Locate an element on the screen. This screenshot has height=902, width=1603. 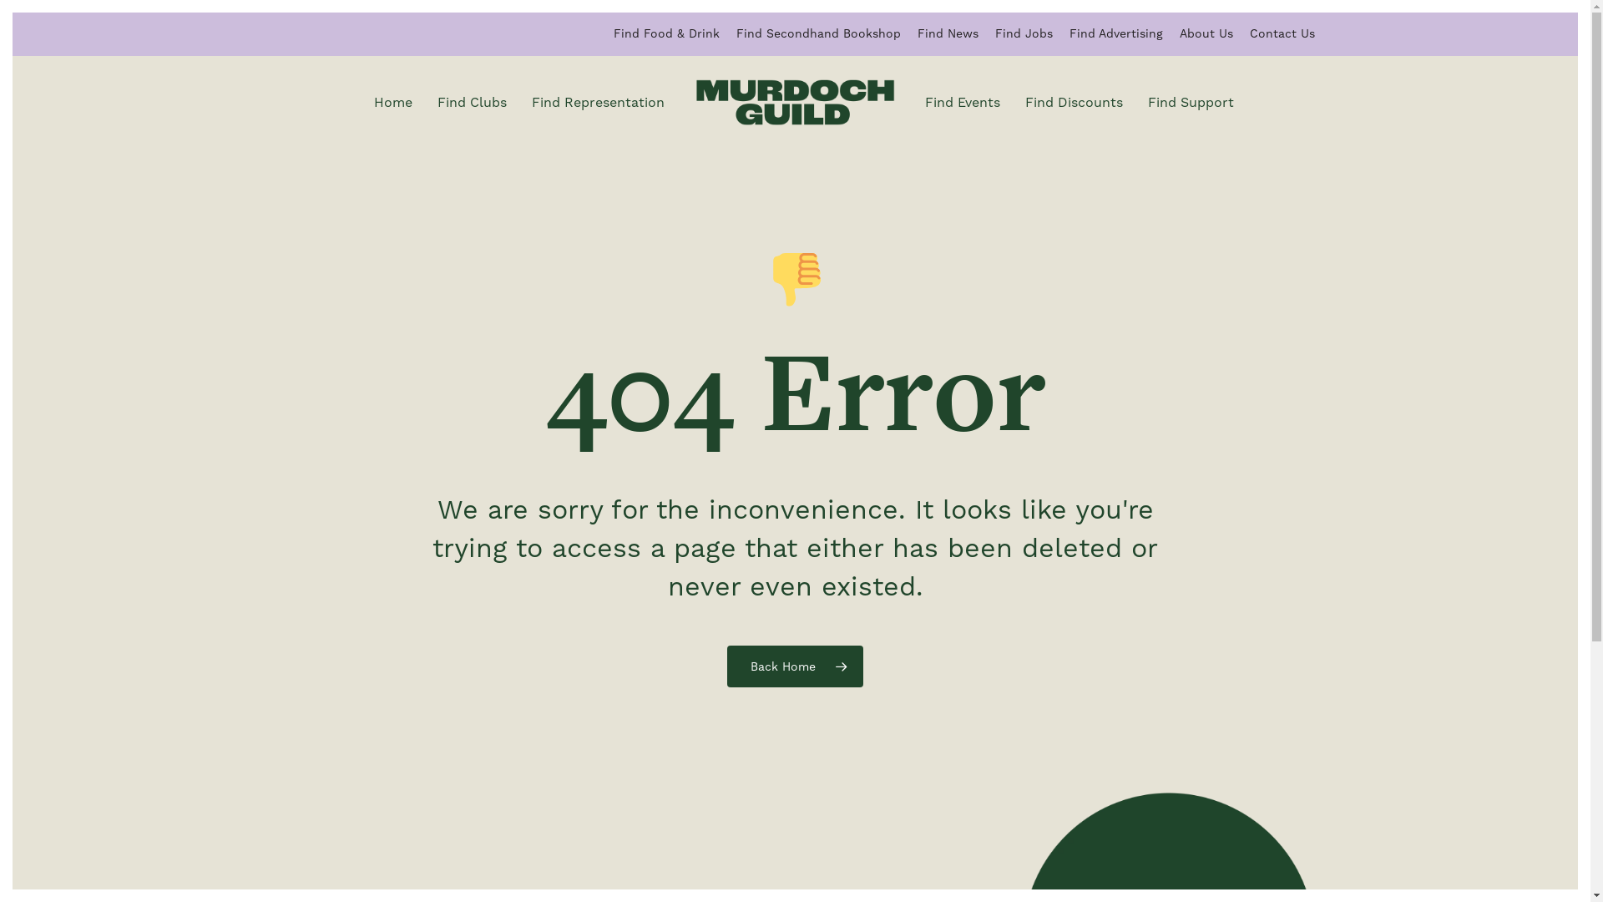
'About Us' is located at coordinates (1206, 33).